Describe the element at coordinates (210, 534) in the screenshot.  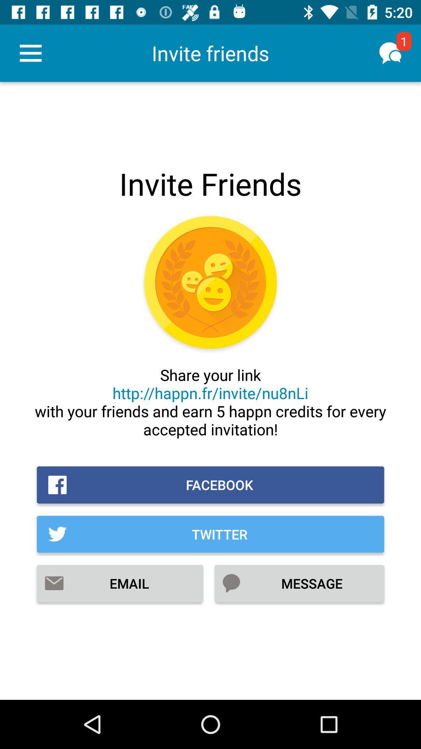
I see `item above the email` at that location.